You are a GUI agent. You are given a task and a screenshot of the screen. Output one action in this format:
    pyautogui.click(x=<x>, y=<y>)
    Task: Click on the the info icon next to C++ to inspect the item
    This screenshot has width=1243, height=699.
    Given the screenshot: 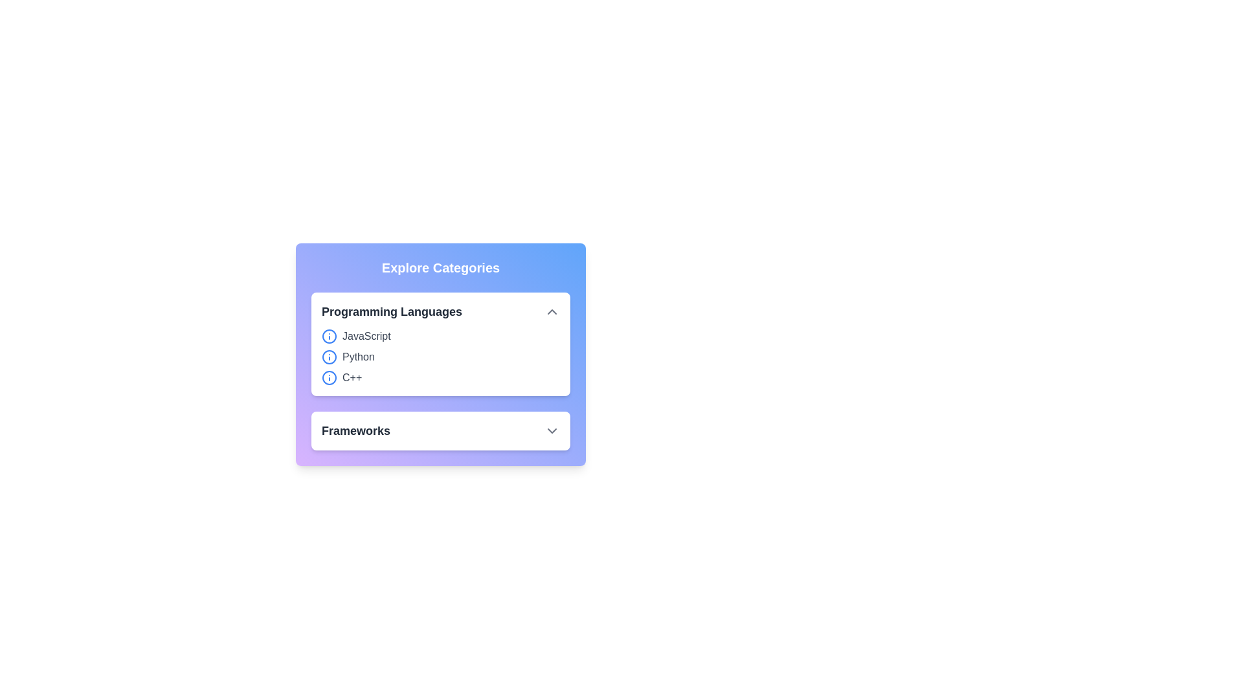 What is the action you would take?
    pyautogui.click(x=329, y=377)
    